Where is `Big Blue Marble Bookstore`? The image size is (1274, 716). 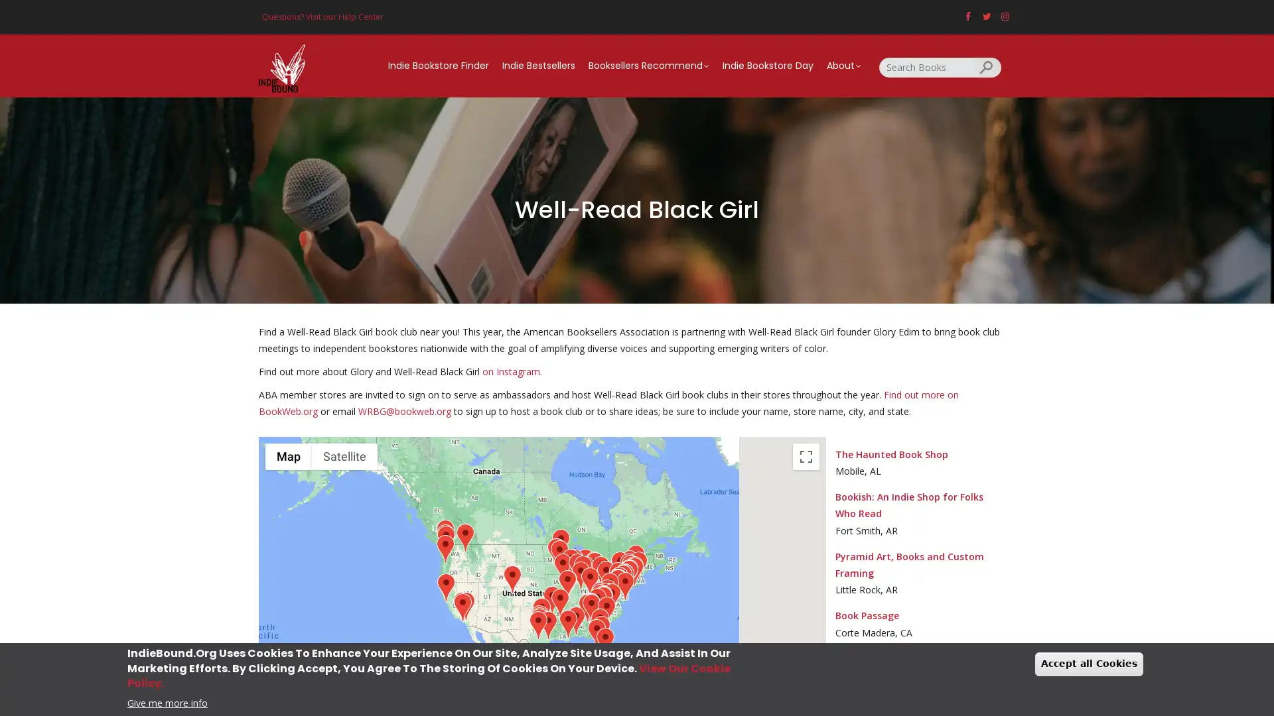 Big Blue Marble Bookstore is located at coordinates (623, 576).